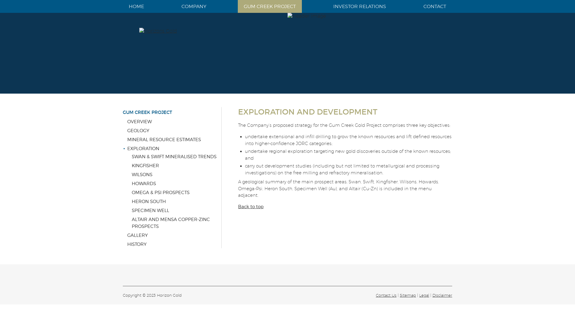 This screenshot has height=323, width=575. I want to click on 'HOME', so click(136, 6).